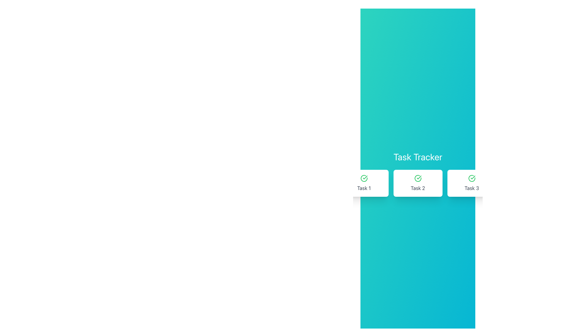 The width and height of the screenshot is (588, 331). What do you see at coordinates (473, 177) in the screenshot?
I see `the small green checkmark icon located inside a circular border in the second card of a horizontal list of task cards` at bounding box center [473, 177].